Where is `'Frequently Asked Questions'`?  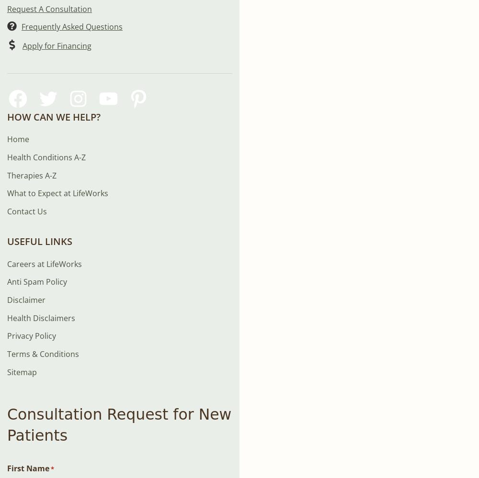 'Frequently Asked Questions' is located at coordinates (72, 27).